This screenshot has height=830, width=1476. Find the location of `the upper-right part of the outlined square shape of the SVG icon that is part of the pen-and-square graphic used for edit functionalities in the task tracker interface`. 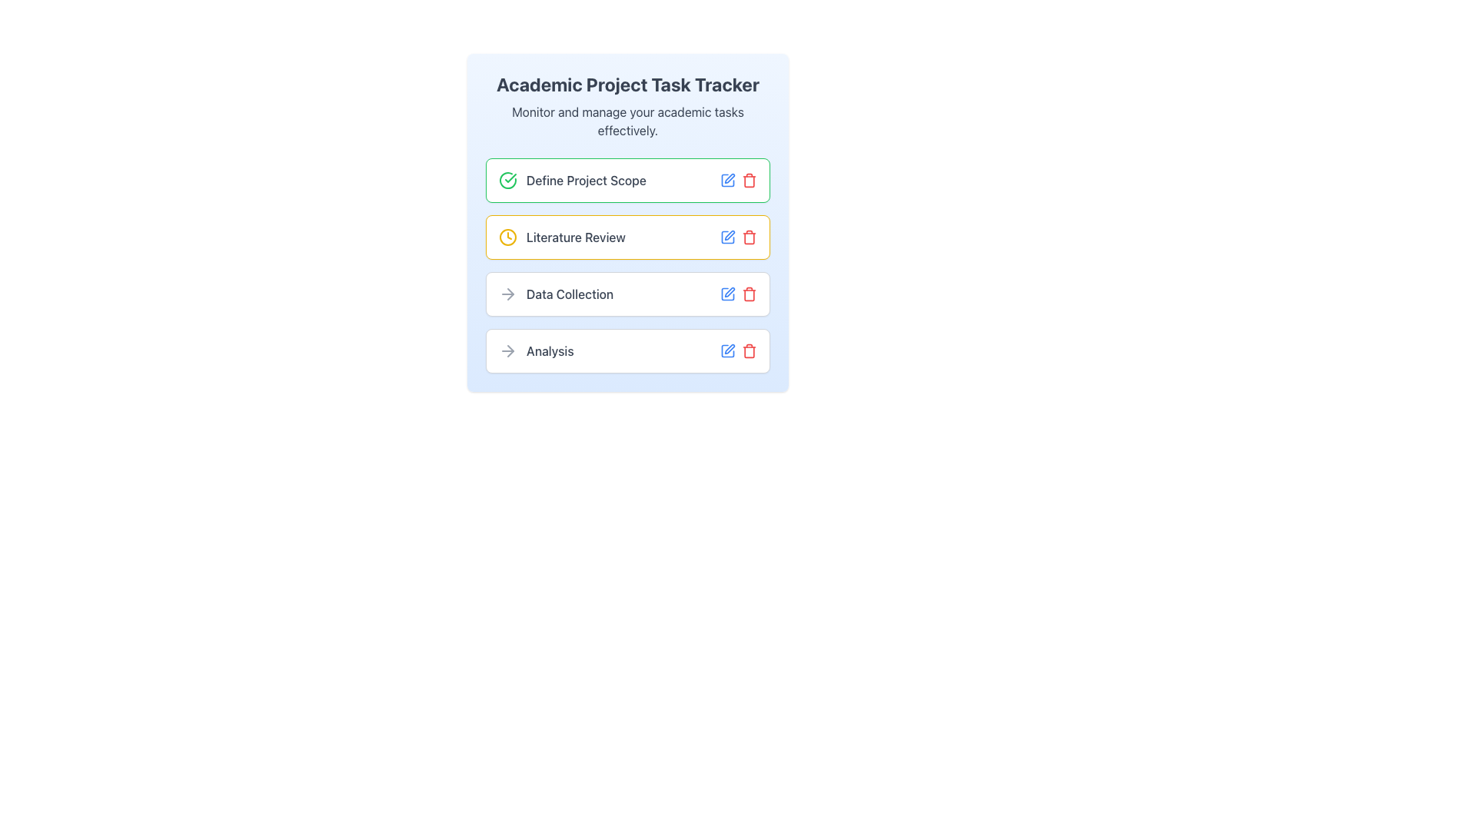

the upper-right part of the outlined square shape of the SVG icon that is part of the pen-and-square graphic used for edit functionalities in the task tracker interface is located at coordinates (726, 350).